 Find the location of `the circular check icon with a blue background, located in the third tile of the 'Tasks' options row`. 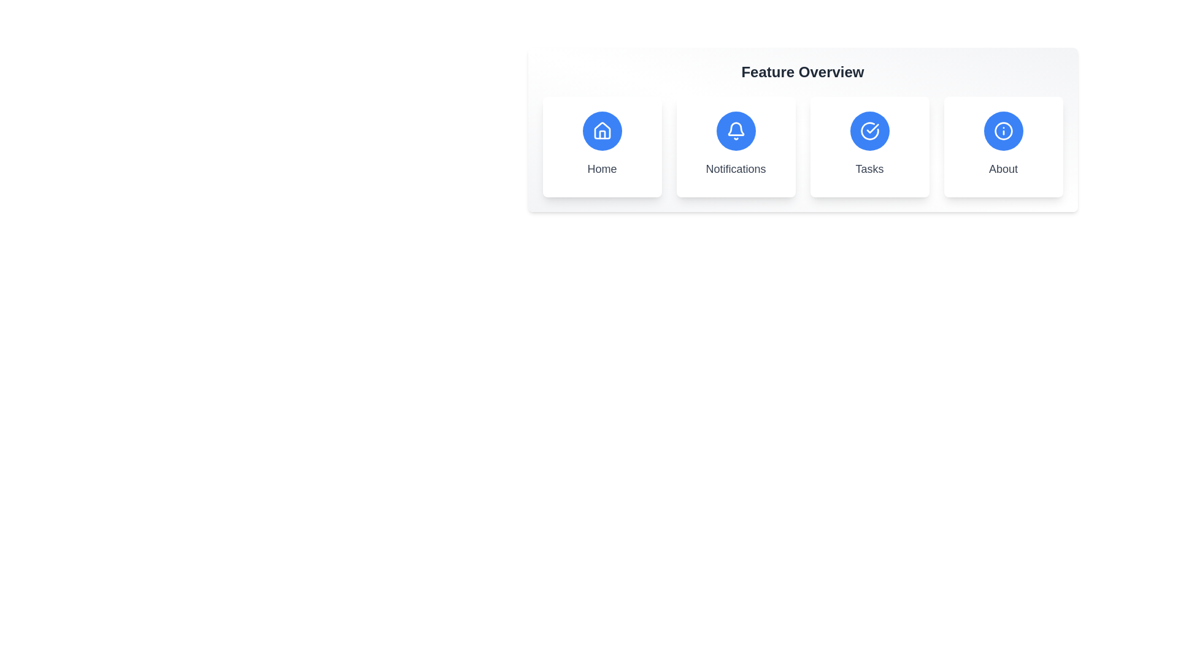

the circular check icon with a blue background, located in the third tile of the 'Tasks' options row is located at coordinates (869, 131).